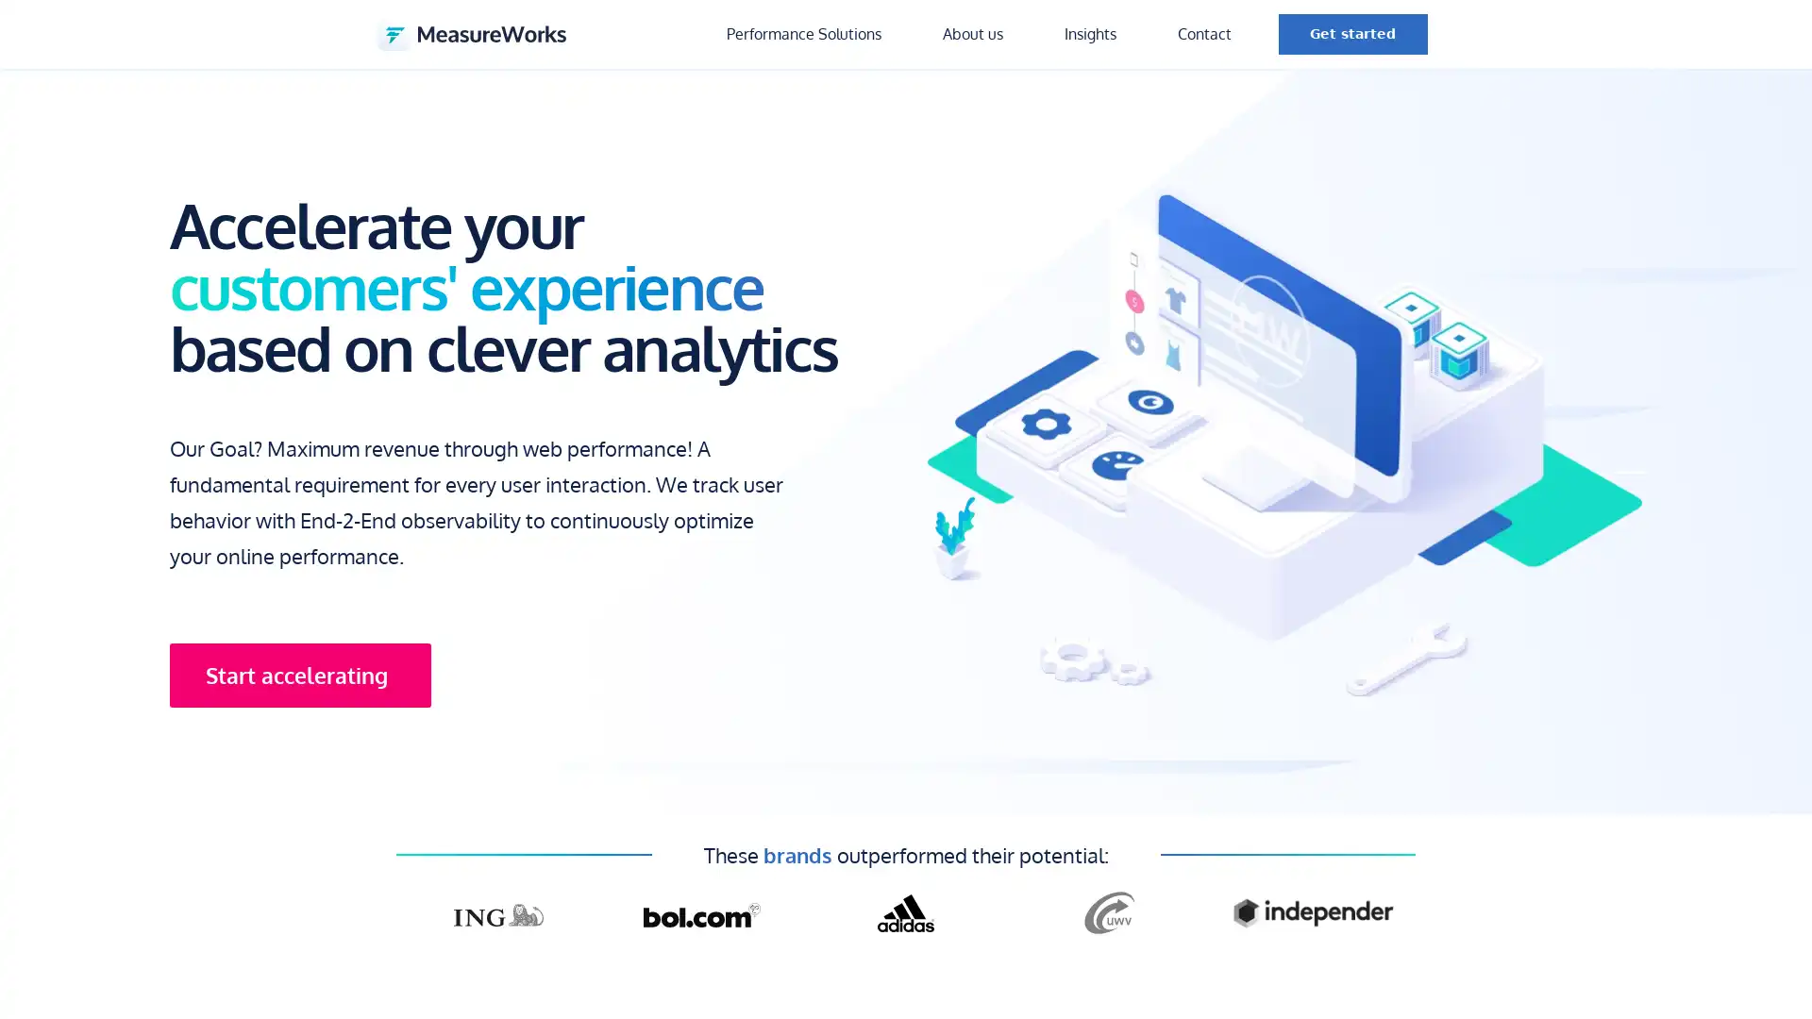  Describe the element at coordinates (330, 702) in the screenshot. I see `Start accelerating` at that location.